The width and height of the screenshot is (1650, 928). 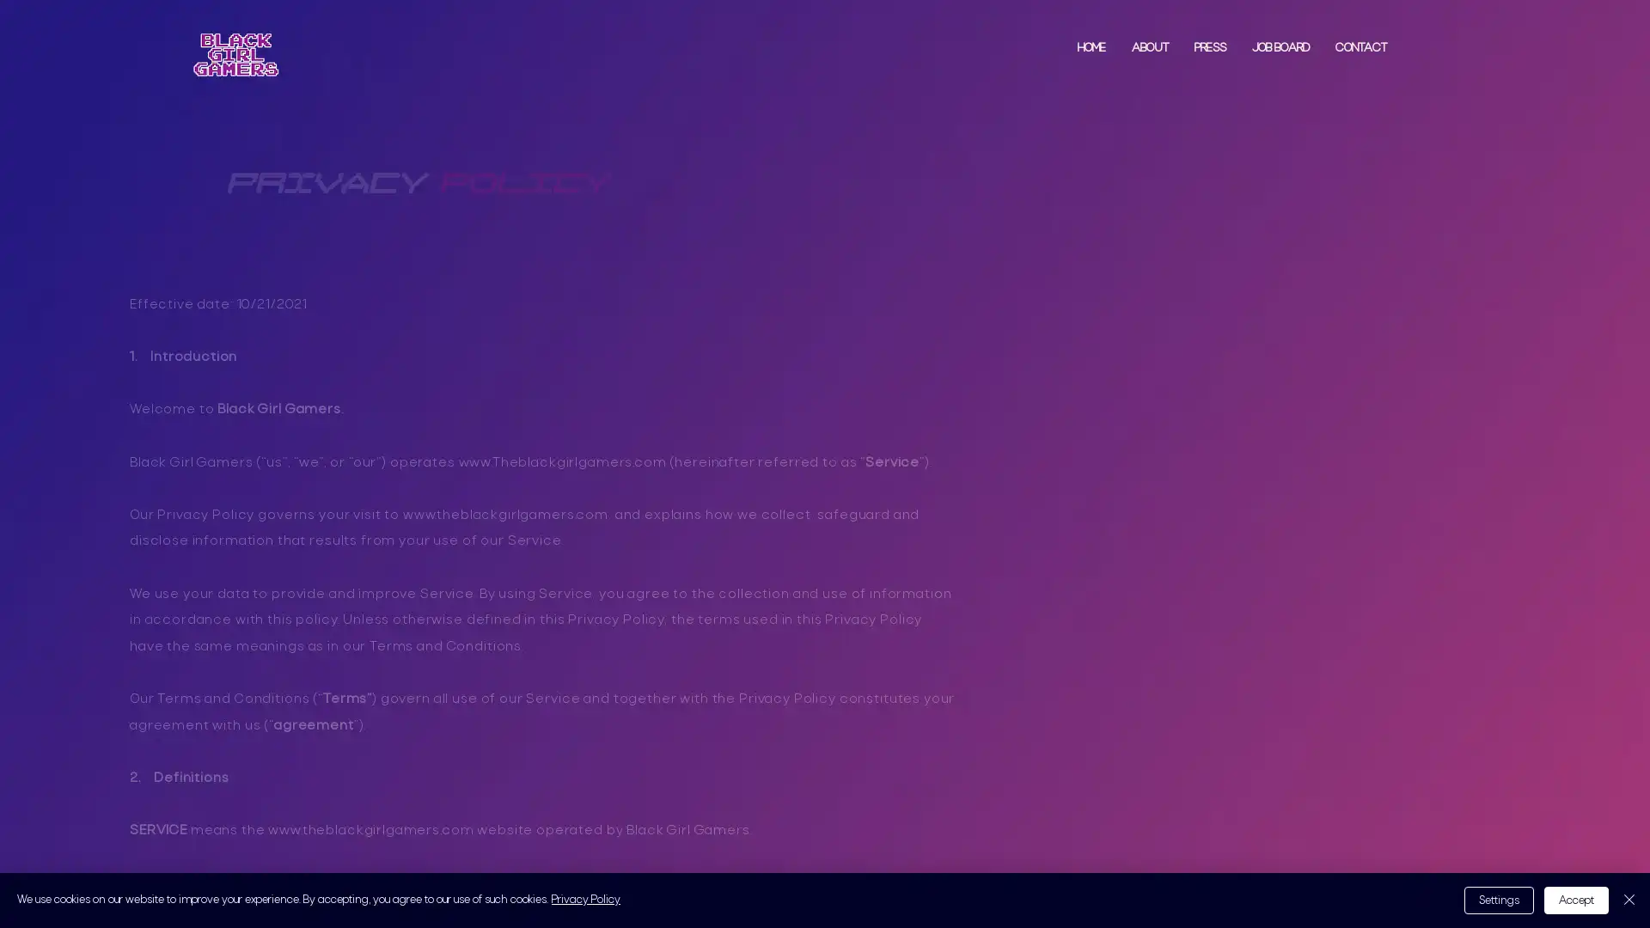 What do you see at coordinates (1629, 900) in the screenshot?
I see `Close` at bounding box center [1629, 900].